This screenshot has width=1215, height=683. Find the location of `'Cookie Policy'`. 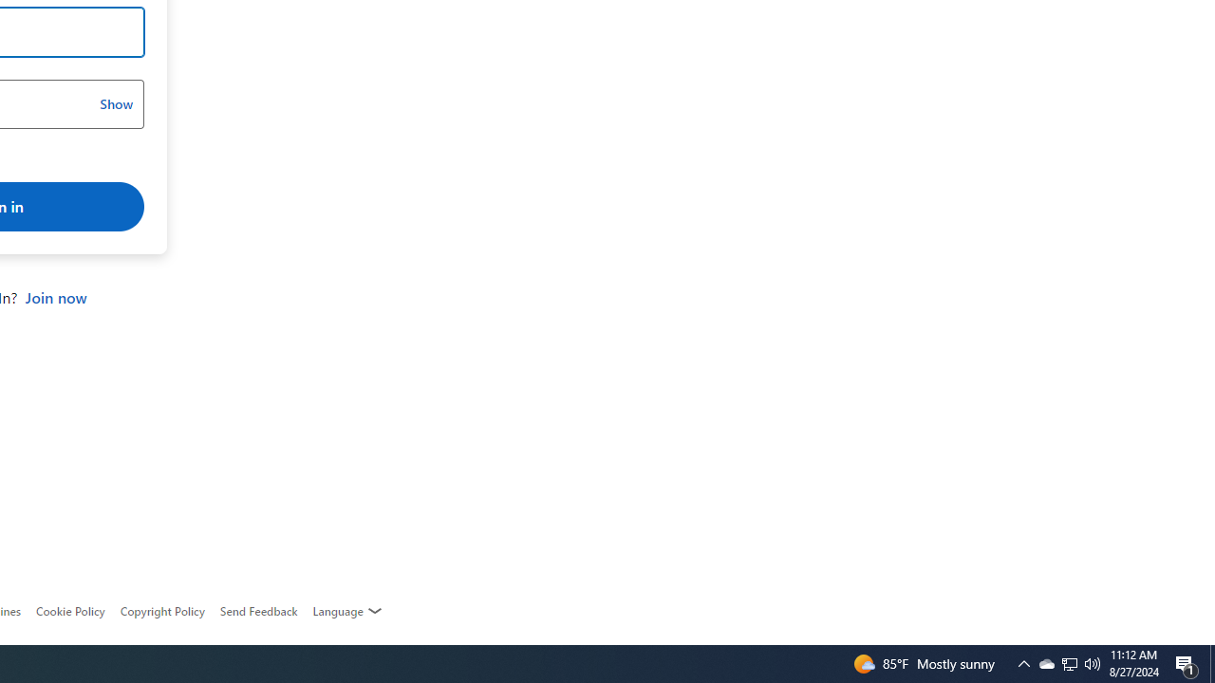

'Cookie Policy' is located at coordinates (70, 611).